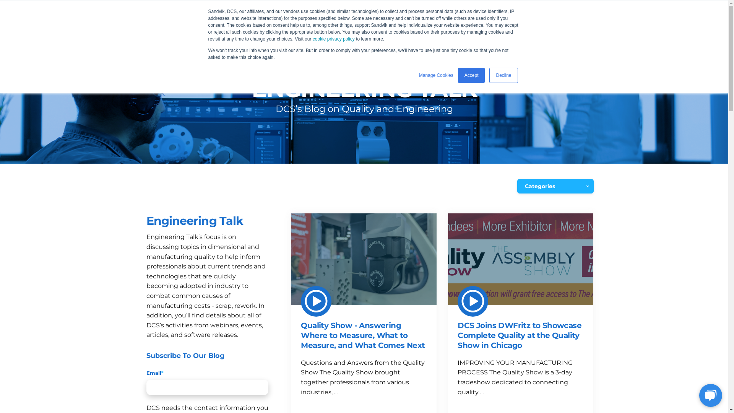 Image resolution: width=734 pixels, height=413 pixels. What do you see at coordinates (289, 30) in the screenshot?
I see `'Services'` at bounding box center [289, 30].